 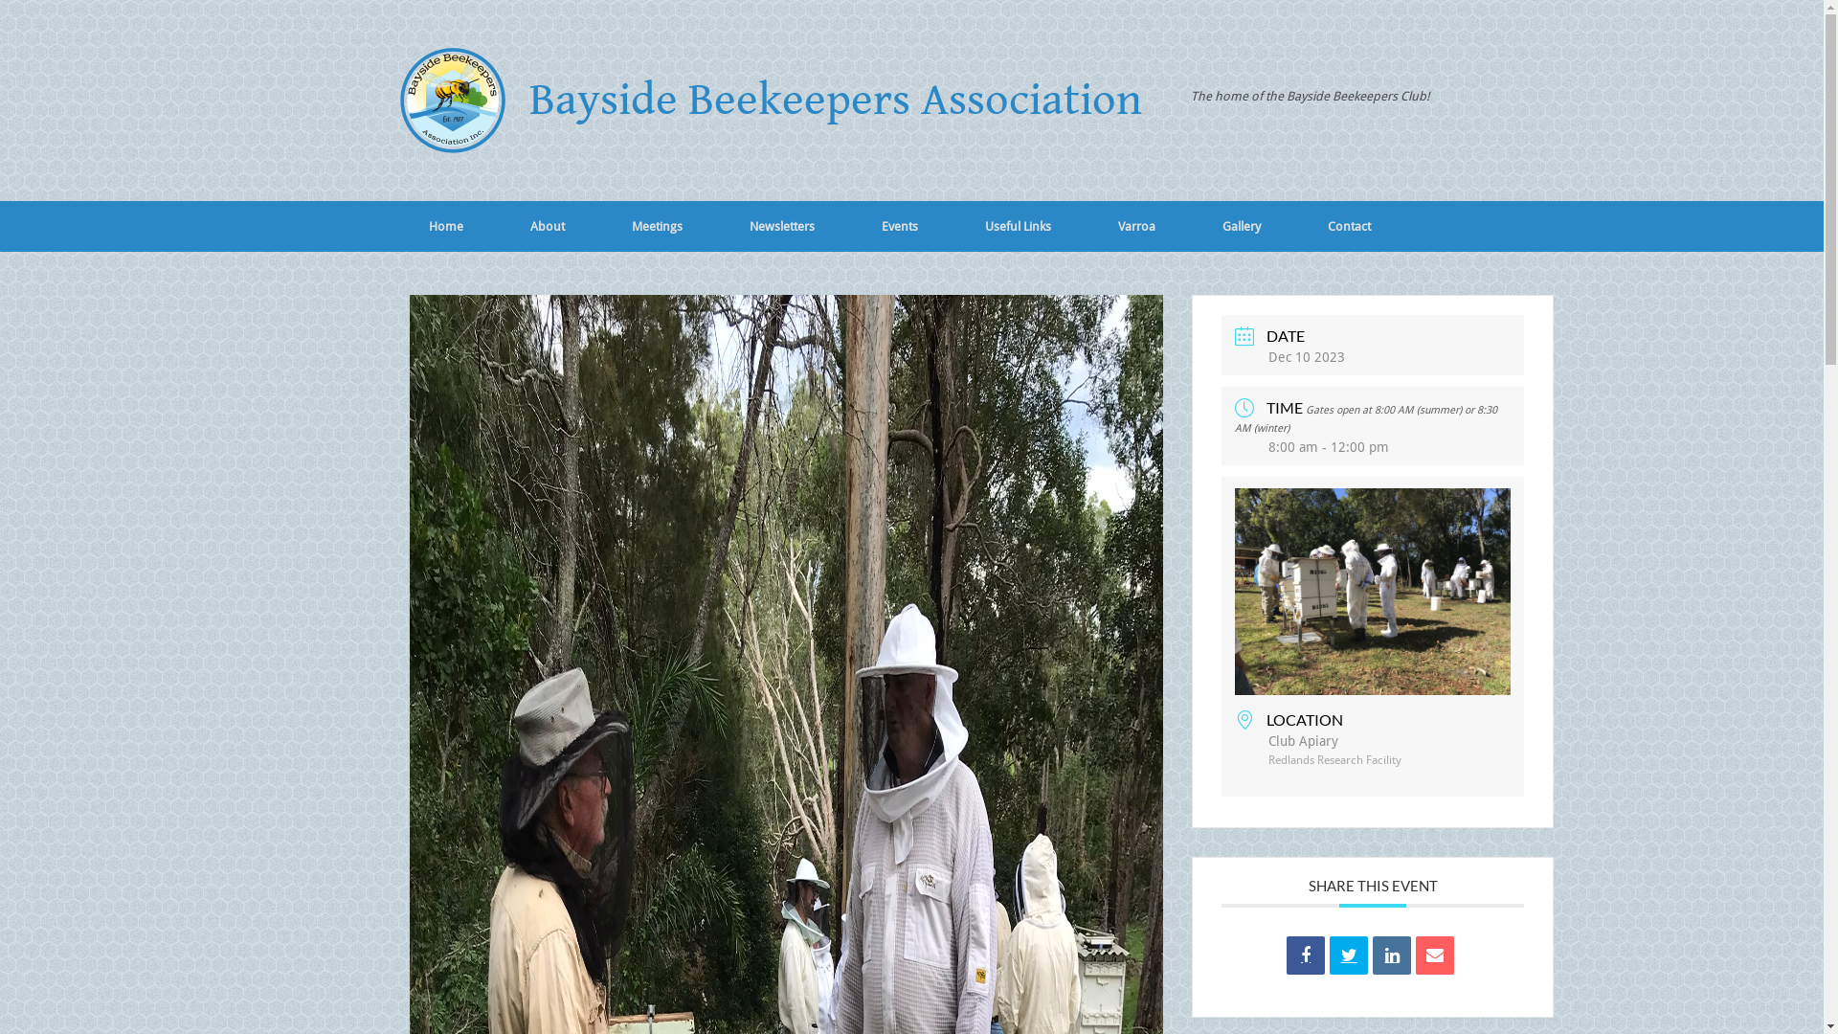 What do you see at coordinates (1135, 225) in the screenshot?
I see `'Varroa'` at bounding box center [1135, 225].